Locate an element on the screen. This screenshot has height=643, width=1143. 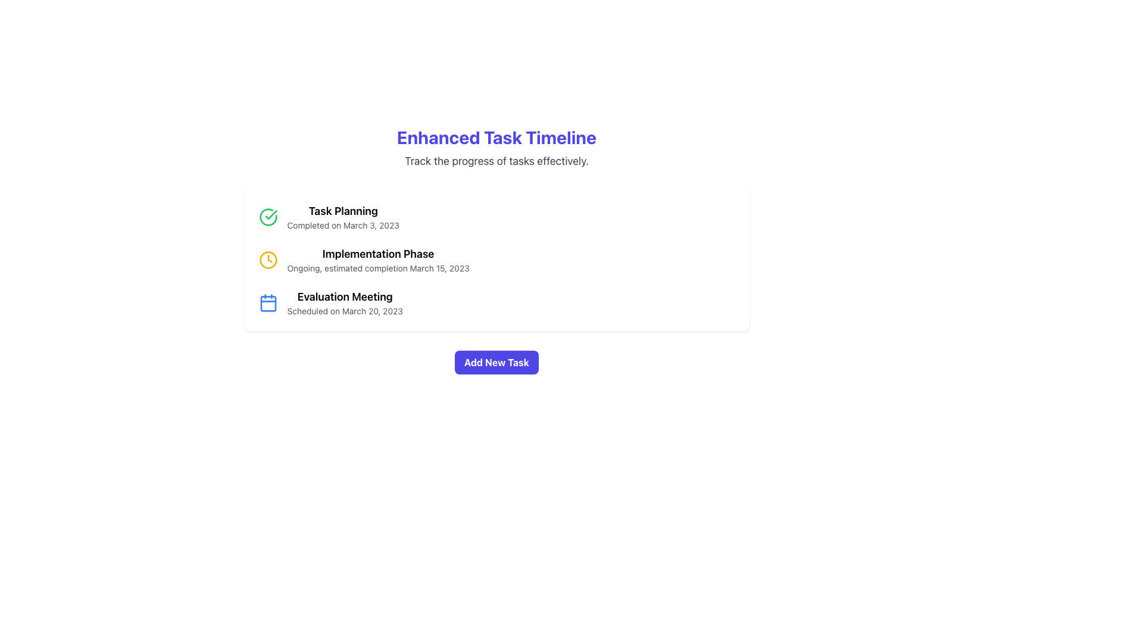
the calendar icon with a blue outline and a white background, located next to the 'Evaluation Meeting' task in the vertical list is located at coordinates (267, 302).